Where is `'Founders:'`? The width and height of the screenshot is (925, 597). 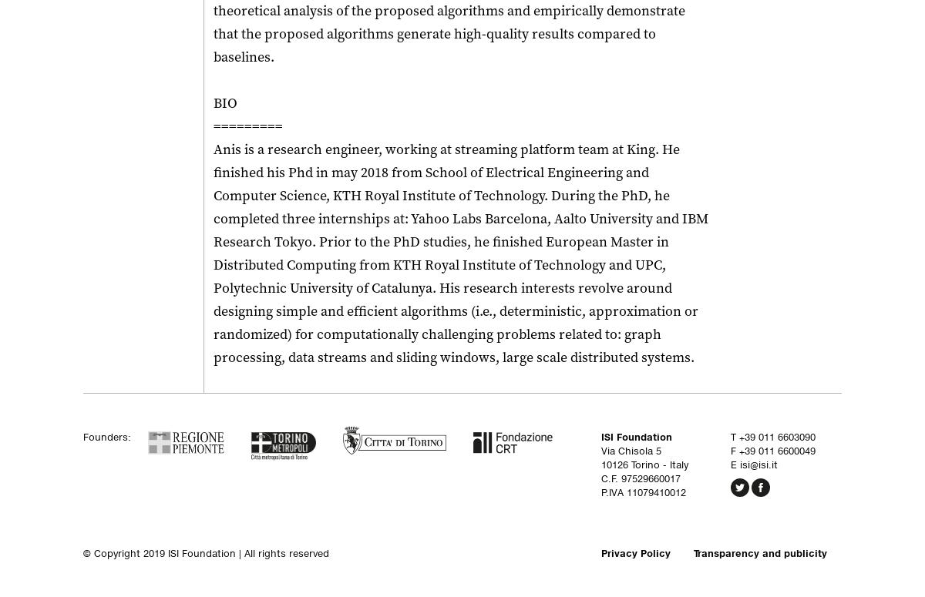 'Founders:' is located at coordinates (106, 436).